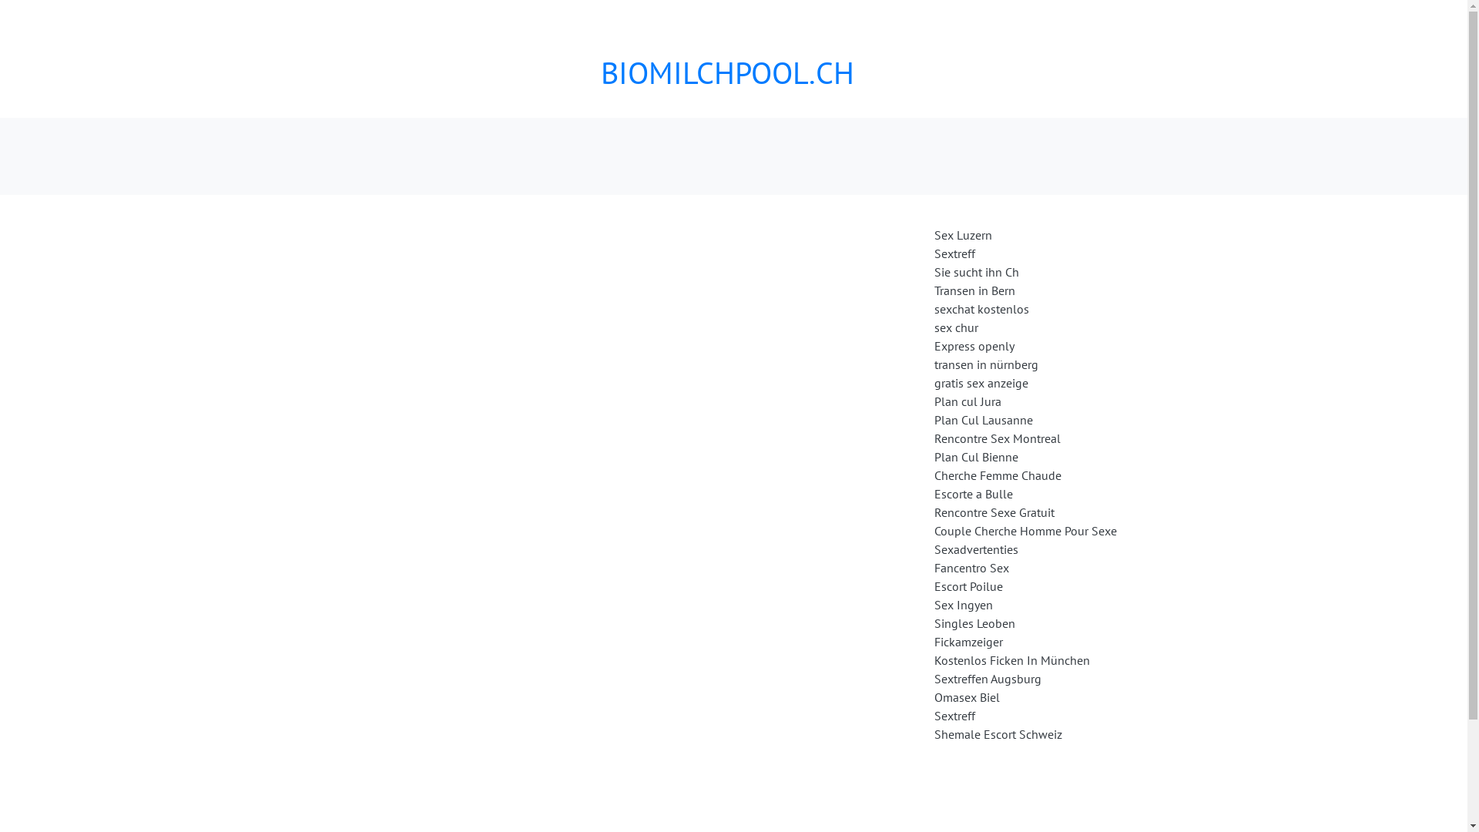 The height and width of the screenshot is (832, 1479). Describe the element at coordinates (974, 549) in the screenshot. I see `'Sexadvertenties'` at that location.